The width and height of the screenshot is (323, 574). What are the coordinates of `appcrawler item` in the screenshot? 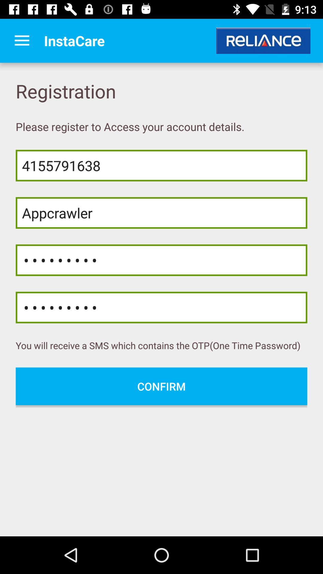 It's located at (161, 213).